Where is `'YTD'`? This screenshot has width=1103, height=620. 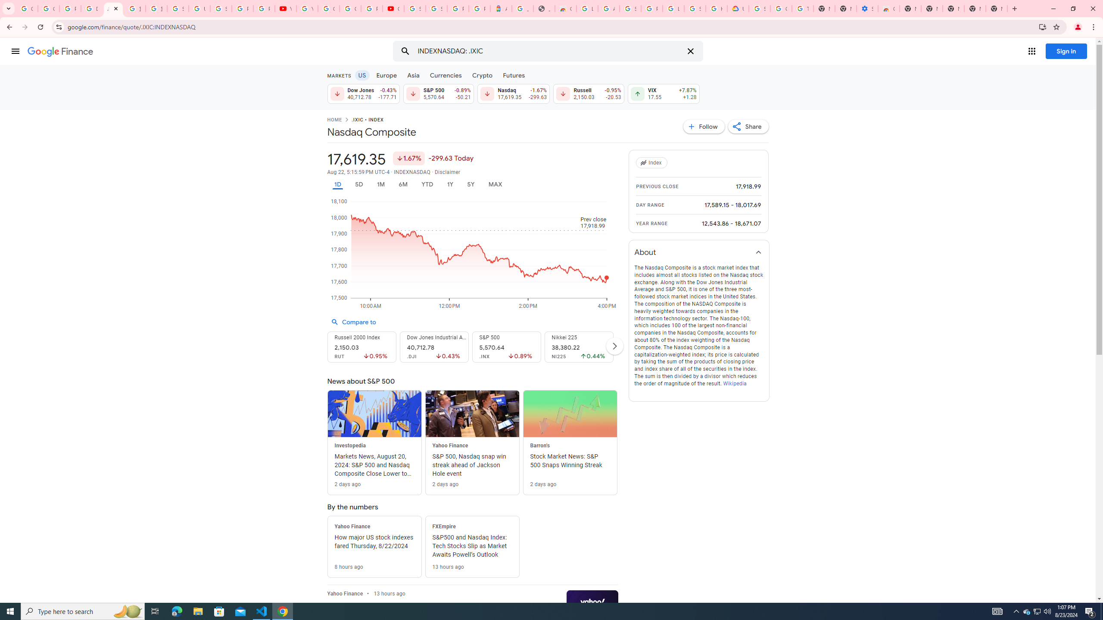
'YTD' is located at coordinates (427, 184).